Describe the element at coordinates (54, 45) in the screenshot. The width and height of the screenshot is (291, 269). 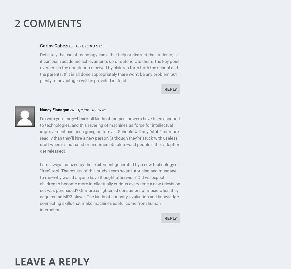
I see `'Carlos Cabeza'` at that location.